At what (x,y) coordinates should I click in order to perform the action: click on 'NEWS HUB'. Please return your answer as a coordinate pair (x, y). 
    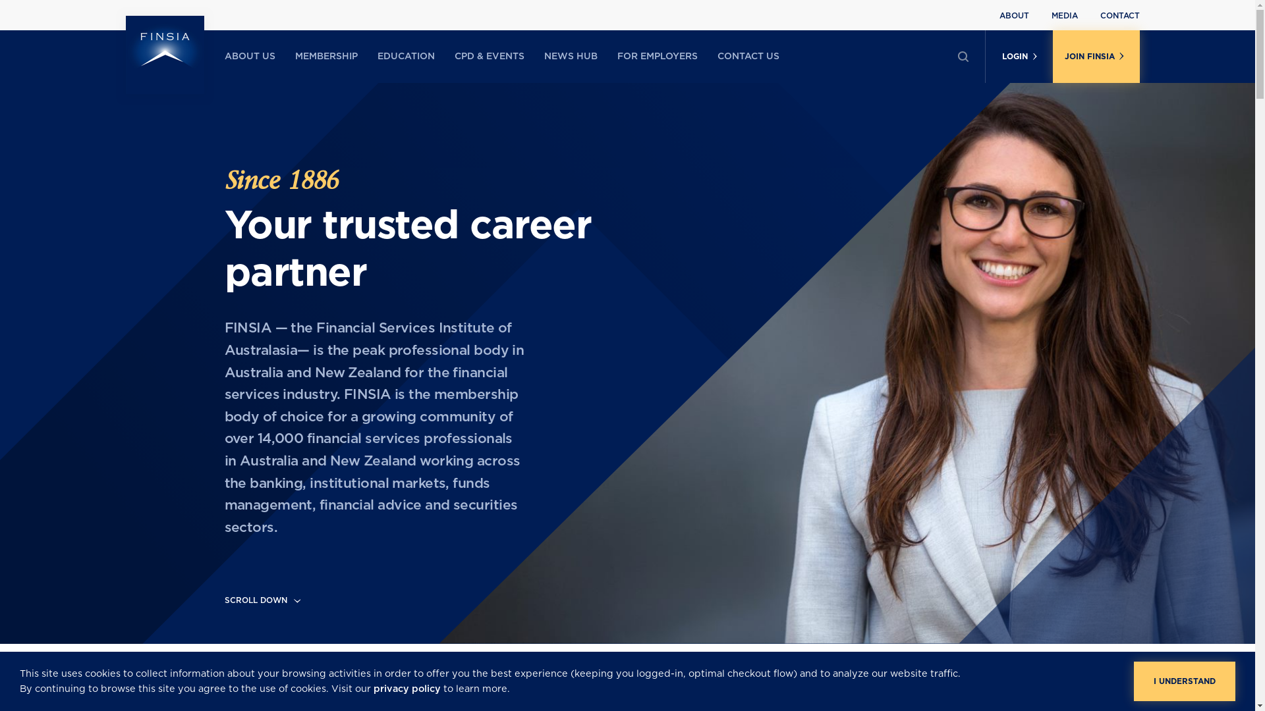
    Looking at the image, I should click on (571, 55).